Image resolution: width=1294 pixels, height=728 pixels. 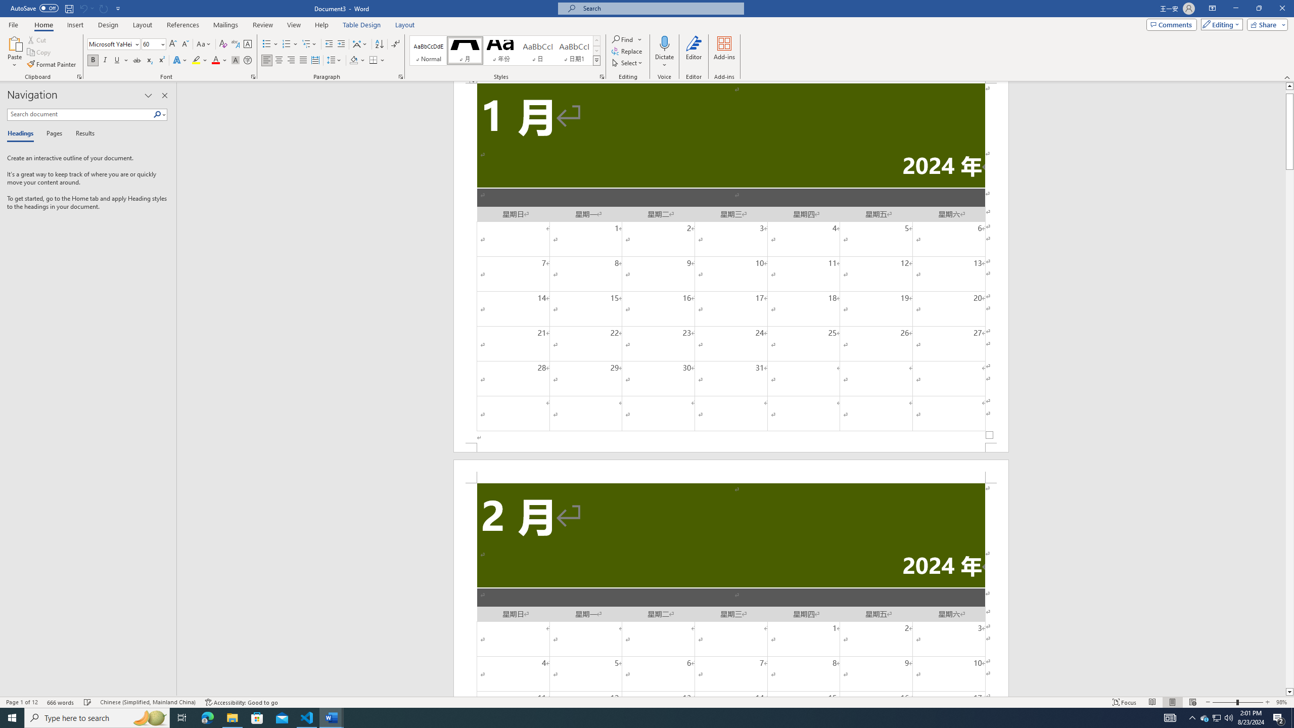 What do you see at coordinates (215, 60) in the screenshot?
I see `'Font Color RGB(255, 0, 0)'` at bounding box center [215, 60].